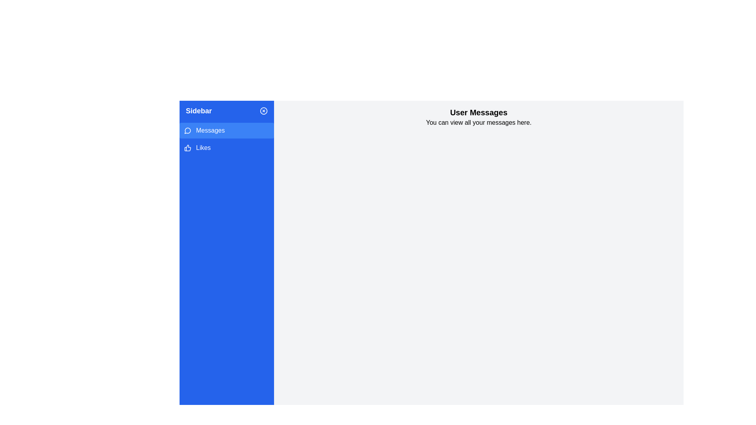  What do you see at coordinates (187, 148) in the screenshot?
I see `the thumbs-up vector graphic icon located in the blue sidebar, next to the 'Likes' text` at bounding box center [187, 148].